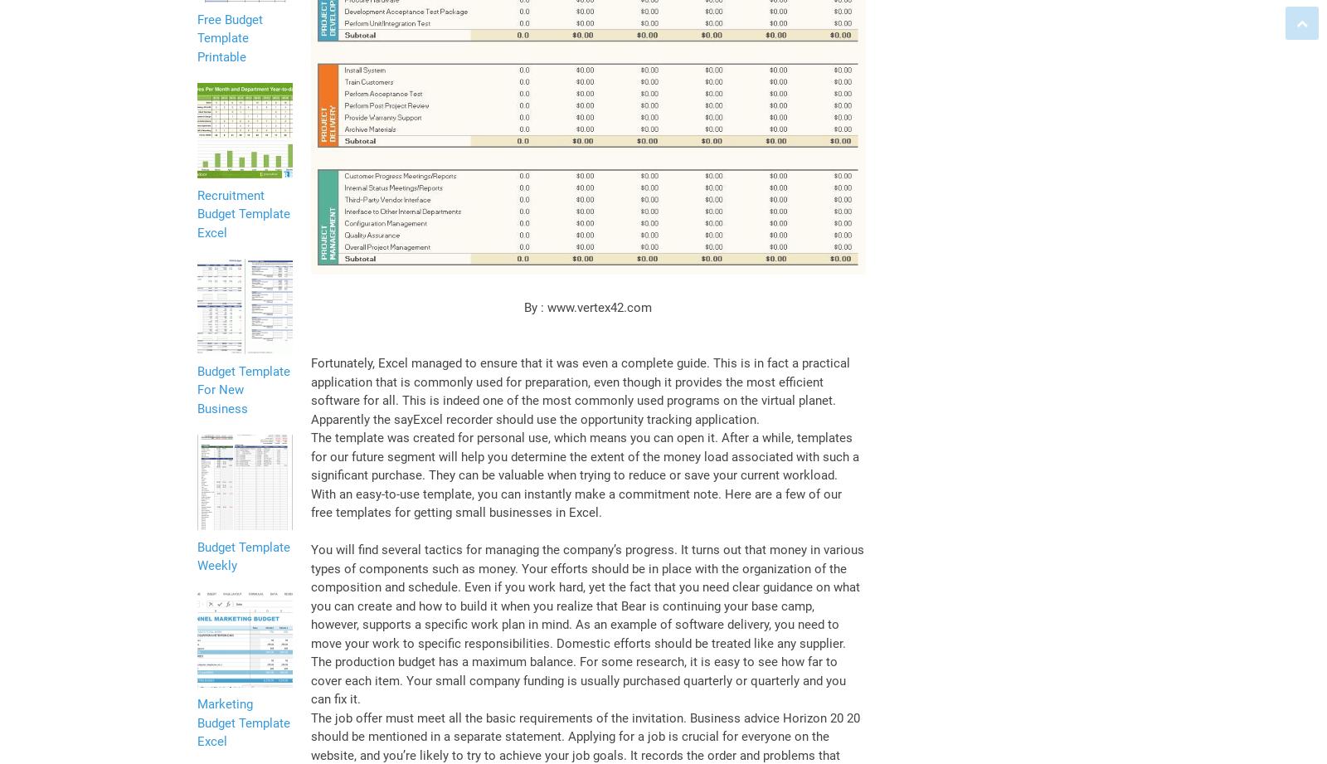  I want to click on 'By : www.vertex42.com', so click(587, 306).